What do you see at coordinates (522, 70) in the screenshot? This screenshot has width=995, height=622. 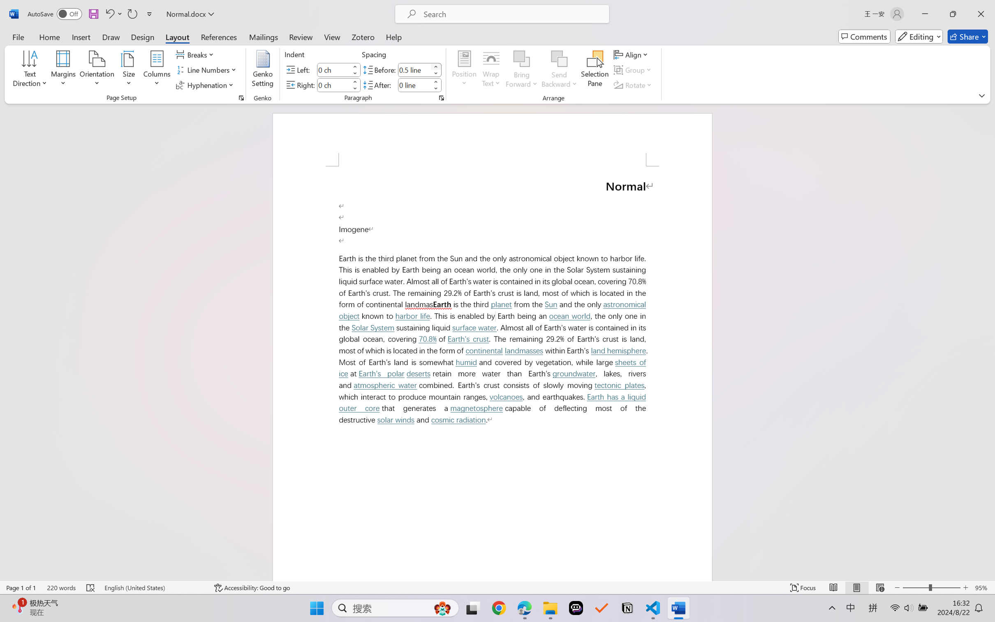 I see `'Bring Forward'` at bounding box center [522, 70].